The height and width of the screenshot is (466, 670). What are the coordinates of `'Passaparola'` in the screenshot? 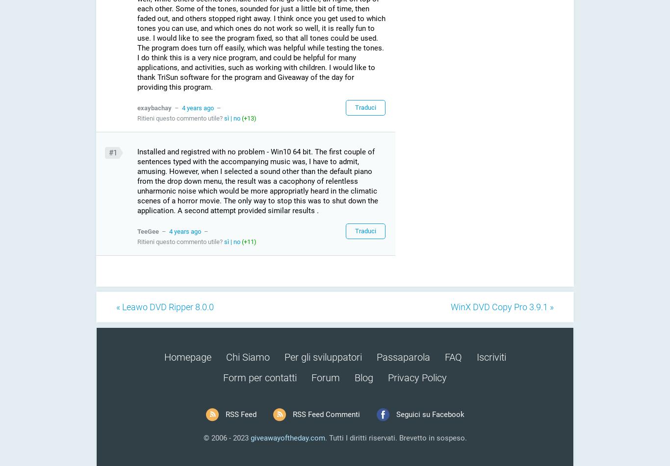 It's located at (402, 357).